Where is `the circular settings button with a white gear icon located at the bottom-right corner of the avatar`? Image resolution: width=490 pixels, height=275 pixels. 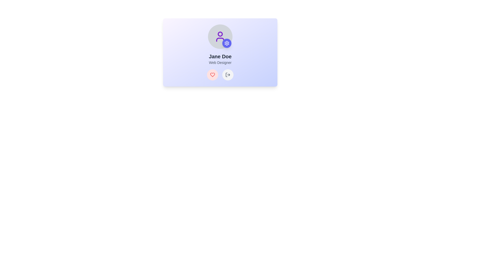
the circular settings button with a white gear icon located at the bottom-right corner of the avatar is located at coordinates (226, 43).